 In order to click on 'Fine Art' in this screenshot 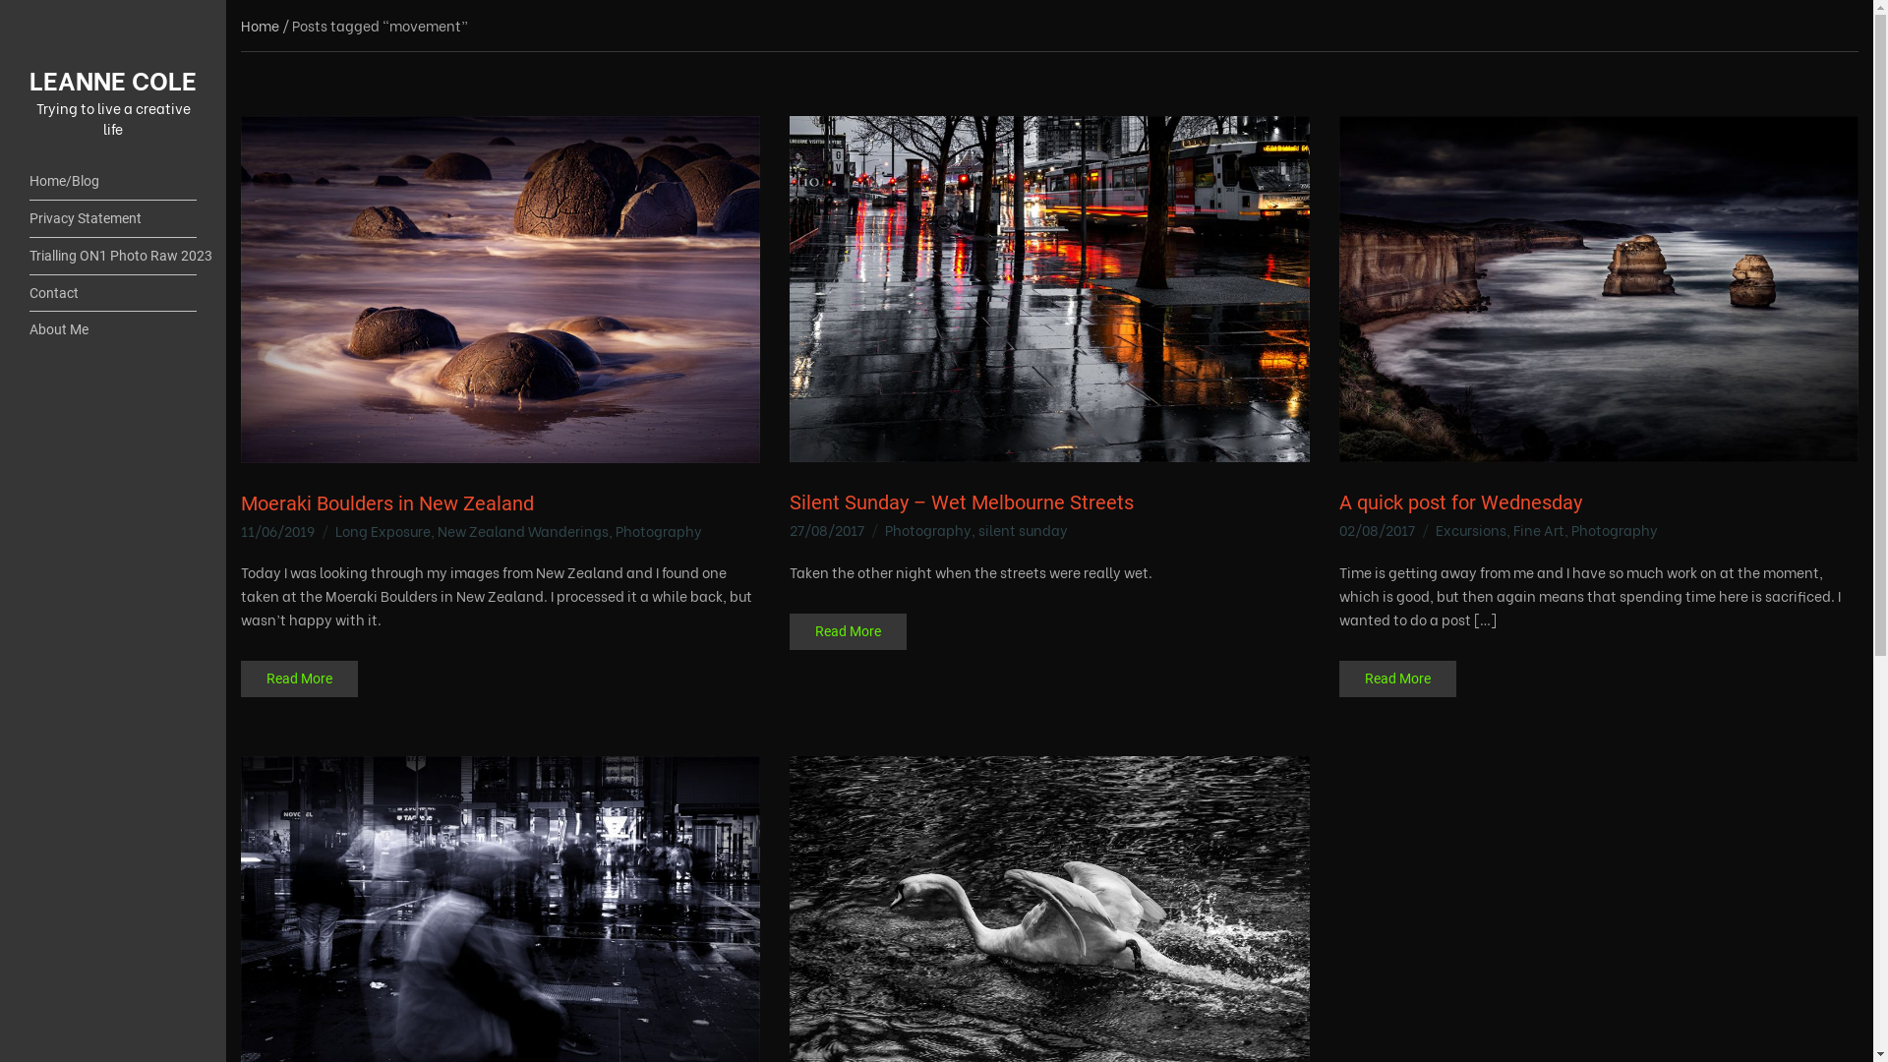, I will do `click(1537, 528)`.